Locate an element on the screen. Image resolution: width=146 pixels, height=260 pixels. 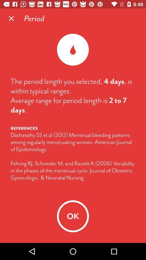
back is located at coordinates (11, 18).